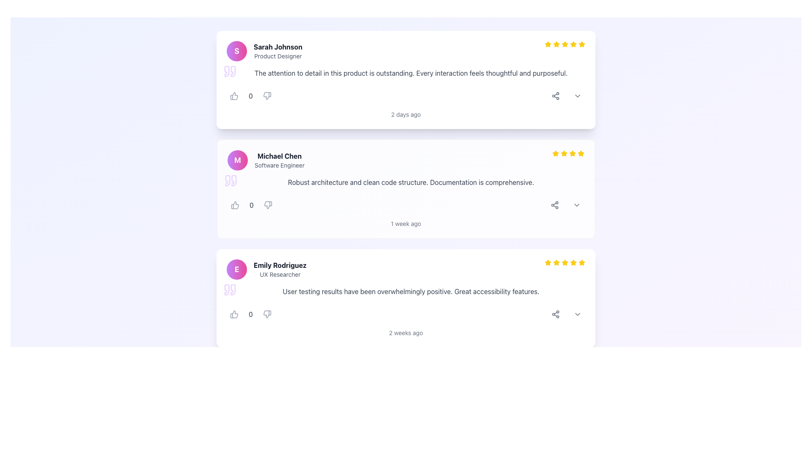 This screenshot has width=812, height=457. Describe the element at coordinates (406, 223) in the screenshot. I see `the text label that reads '1 week ago', which is styled with small light gray text and located beneath a user comment` at that location.